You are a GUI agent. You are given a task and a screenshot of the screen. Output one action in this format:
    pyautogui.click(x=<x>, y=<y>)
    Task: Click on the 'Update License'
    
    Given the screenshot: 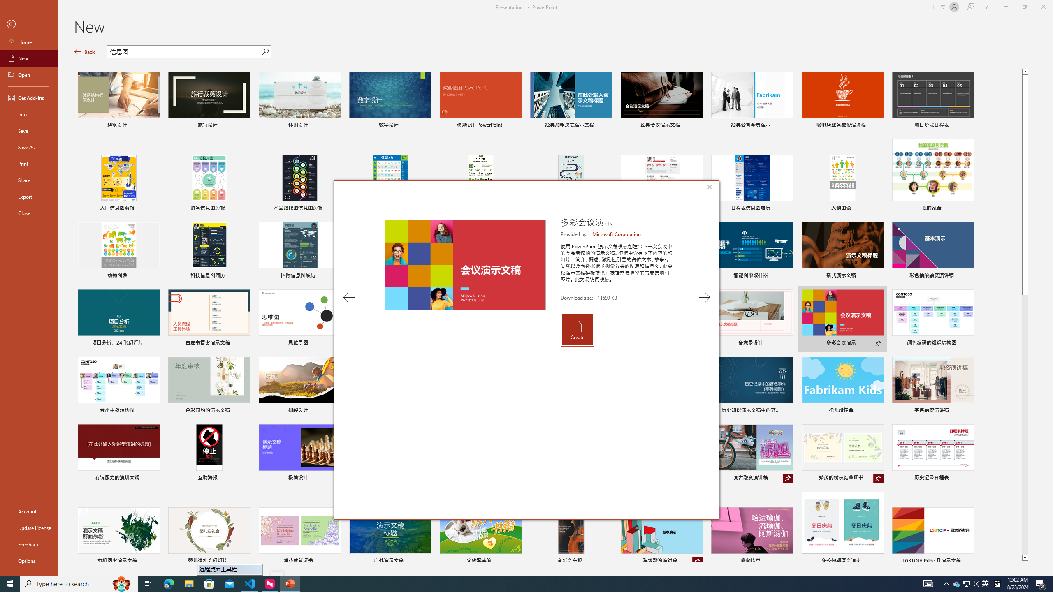 What is the action you would take?
    pyautogui.click(x=28, y=527)
    